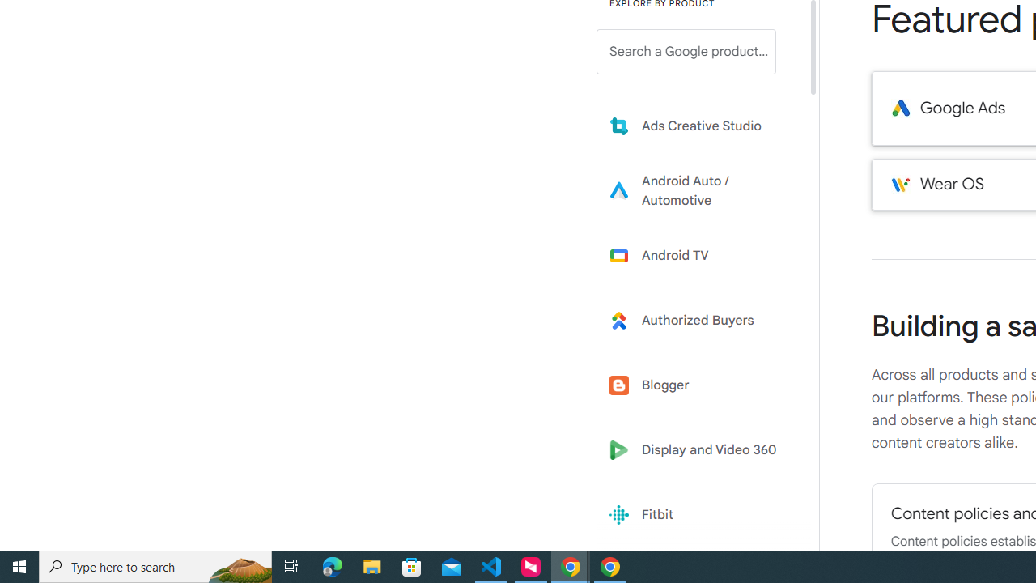 This screenshot has height=583, width=1036. I want to click on 'Search a Google product from below list.', so click(686, 51).